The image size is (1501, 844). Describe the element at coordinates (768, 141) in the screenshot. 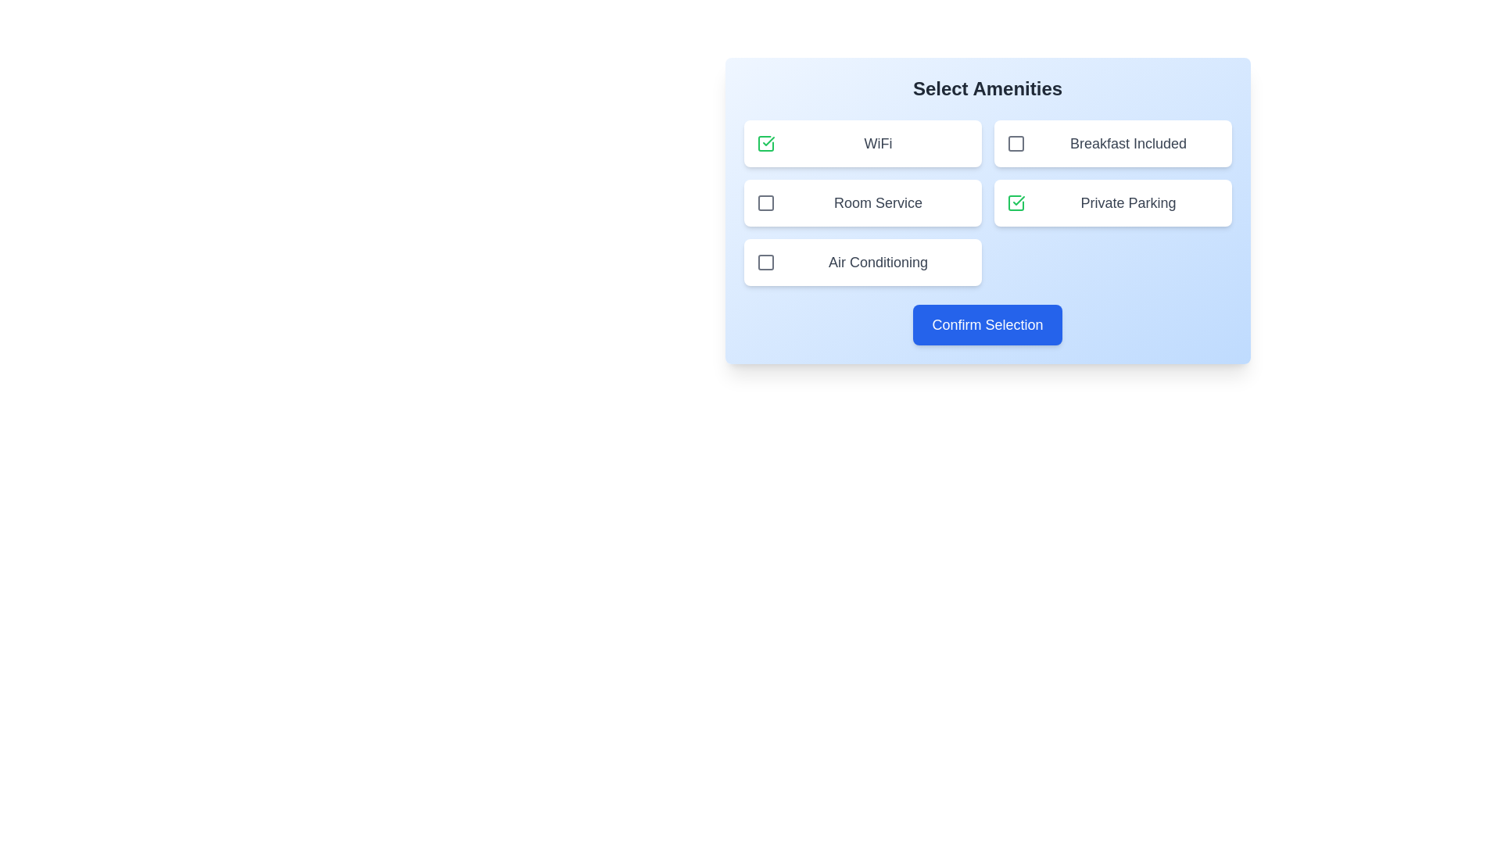

I see `the checkmark icon indicating the selection state of the 'WiFi' checkbox, which visually confirms that the option is selected` at that location.